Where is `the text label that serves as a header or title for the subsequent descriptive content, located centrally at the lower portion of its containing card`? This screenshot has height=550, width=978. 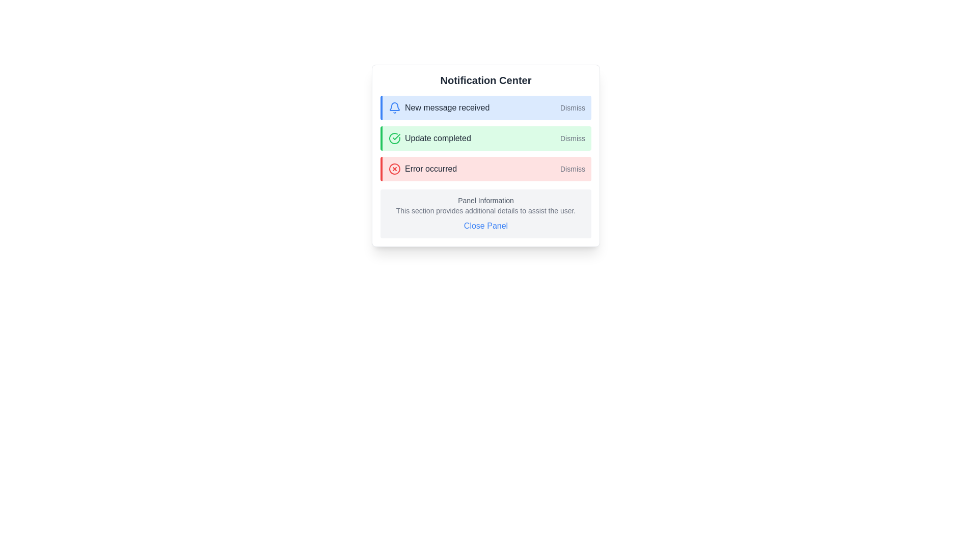 the text label that serves as a header or title for the subsequent descriptive content, located centrally at the lower portion of its containing card is located at coordinates (485, 200).